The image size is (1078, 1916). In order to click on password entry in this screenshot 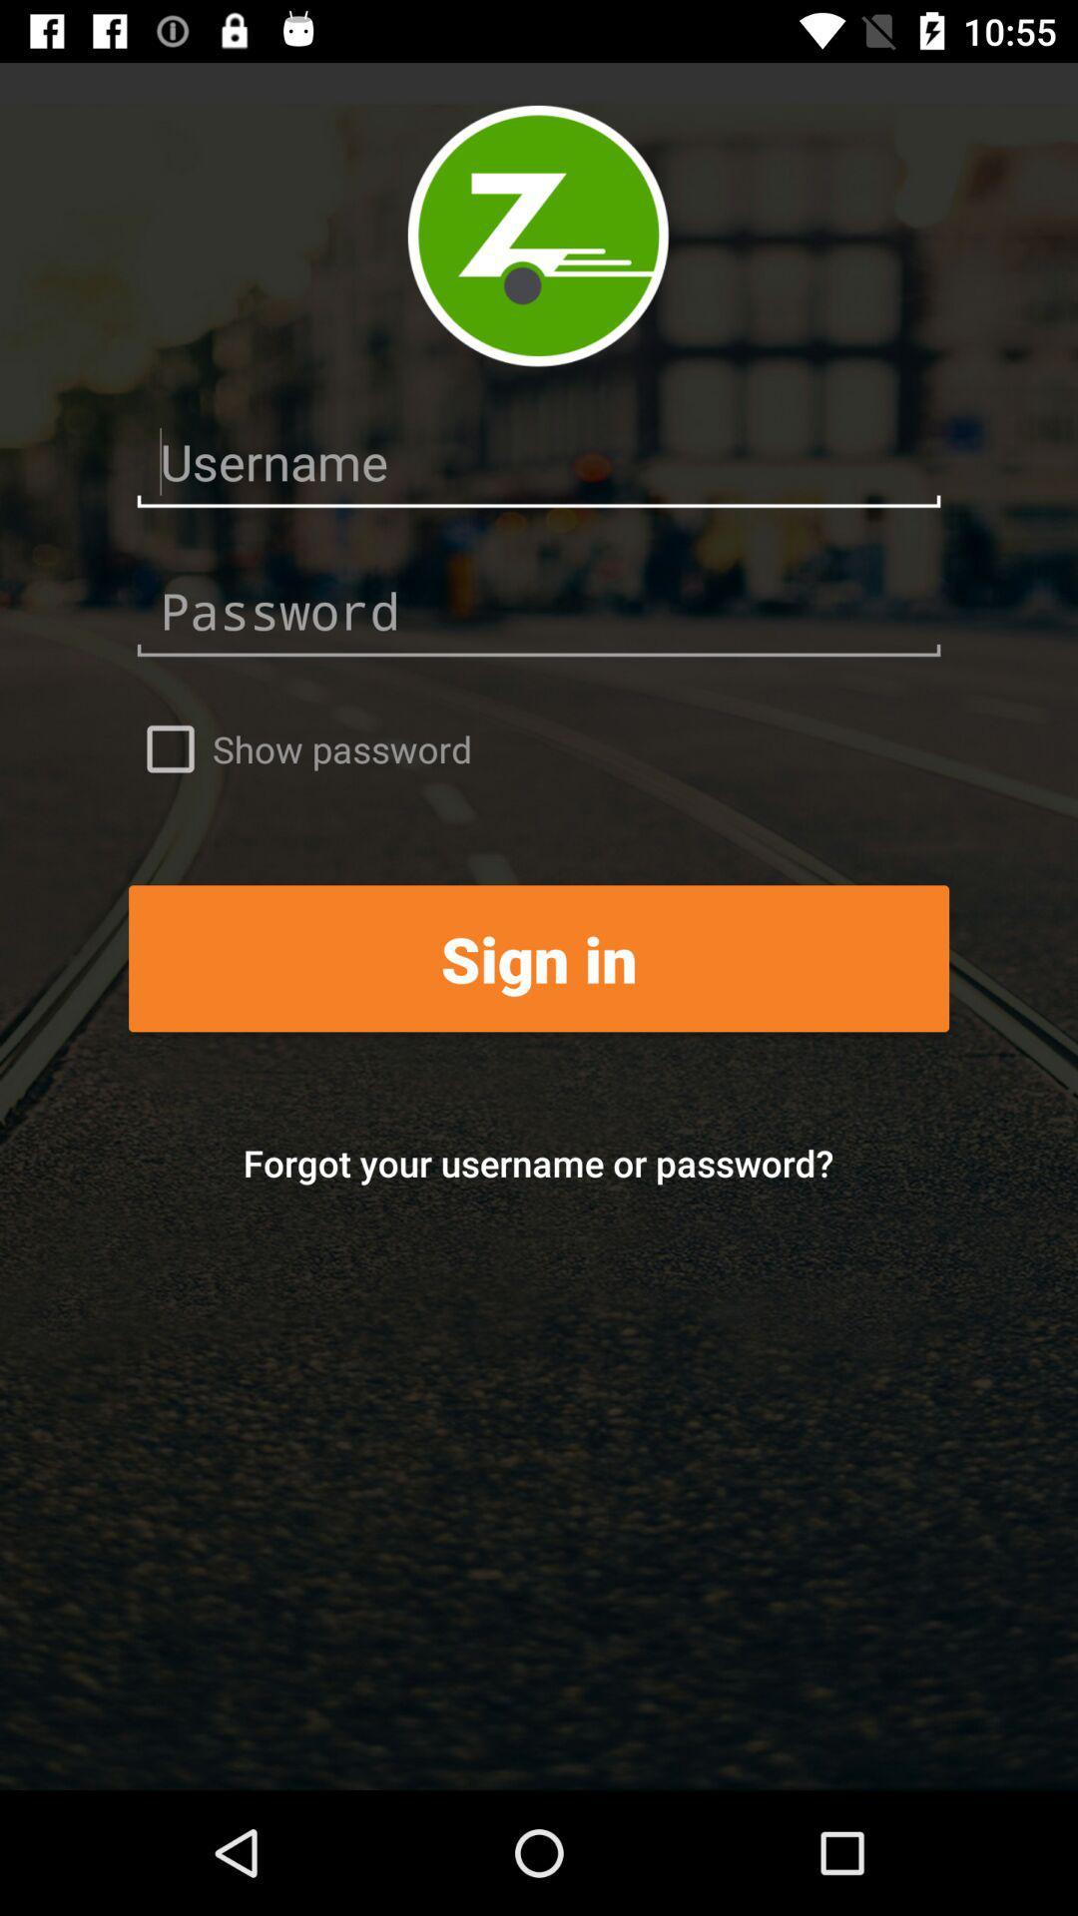, I will do `click(539, 611)`.